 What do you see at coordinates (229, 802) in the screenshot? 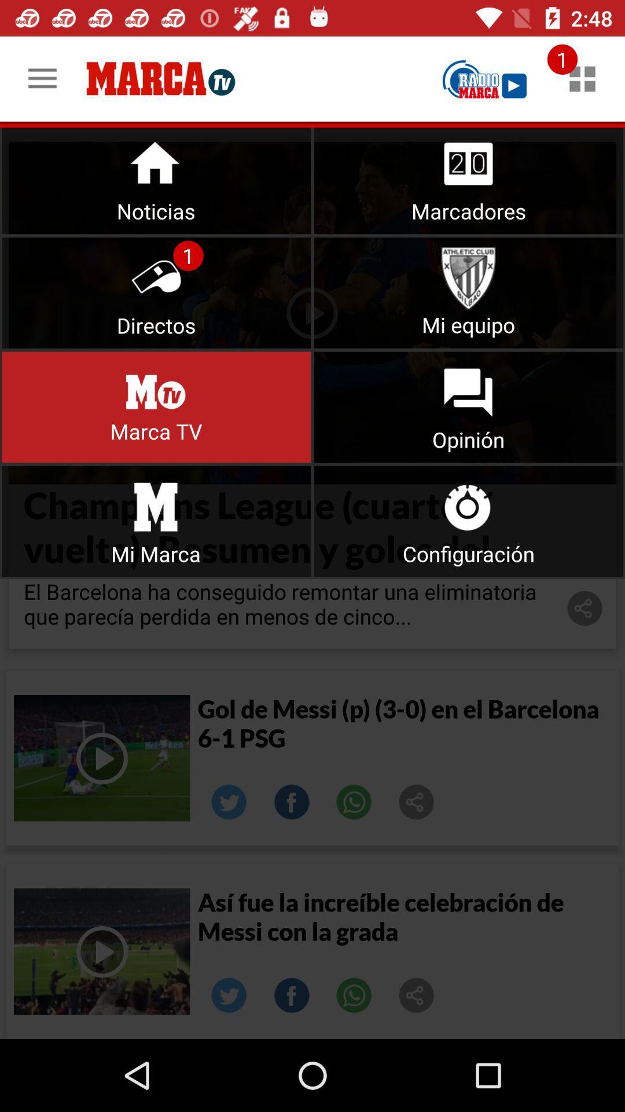
I see `linked.in image` at bounding box center [229, 802].